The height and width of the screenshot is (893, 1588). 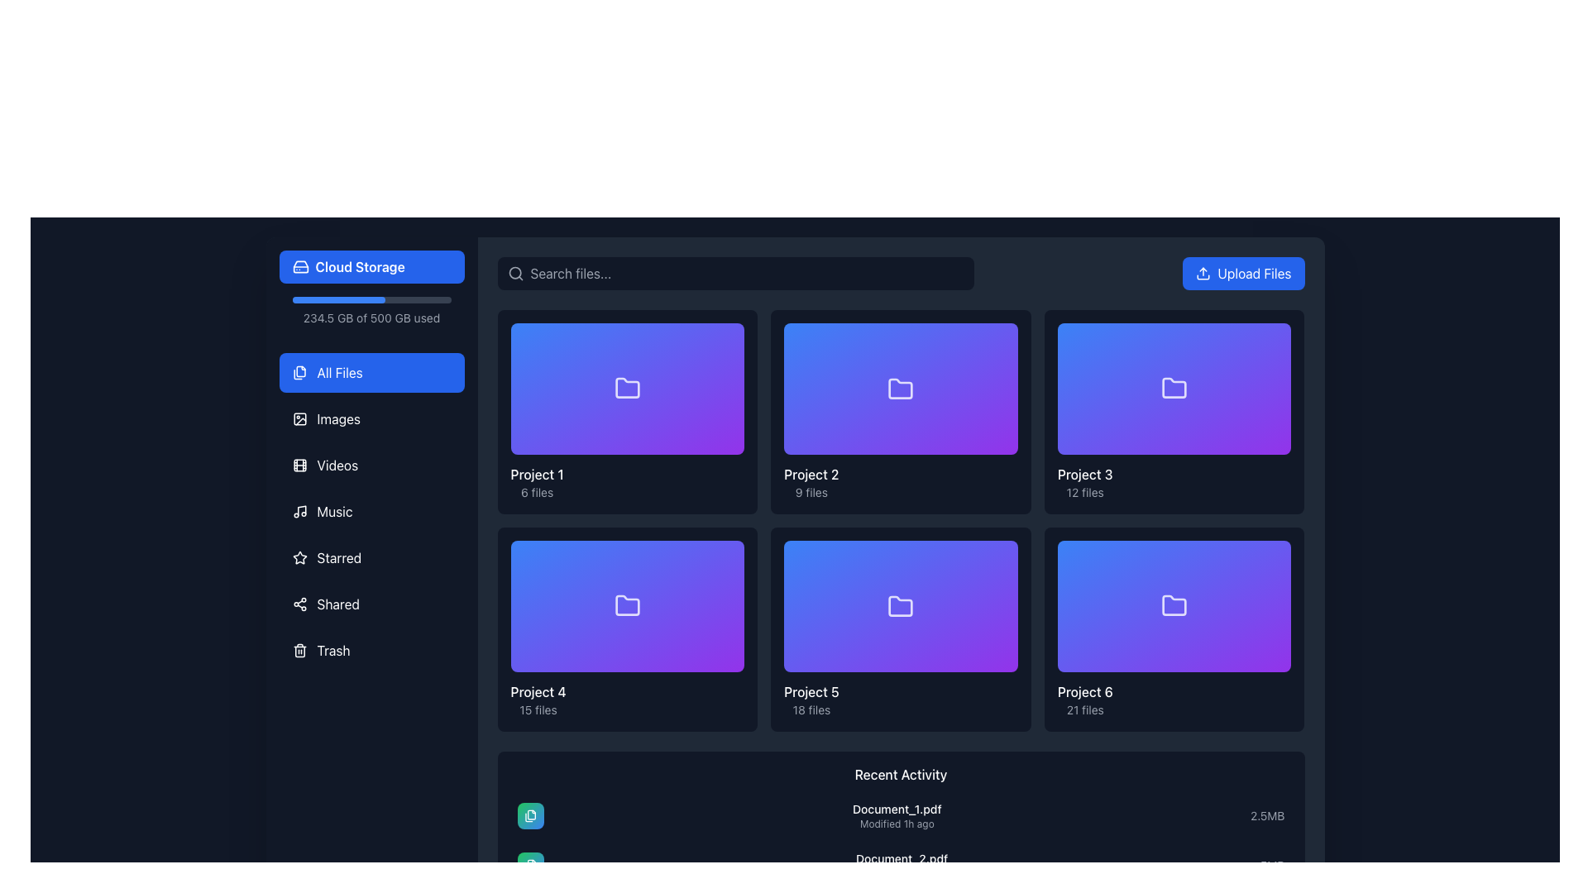 What do you see at coordinates (299, 373) in the screenshot?
I see `the SVG icon associated with the 'All Files' menu option` at bounding box center [299, 373].